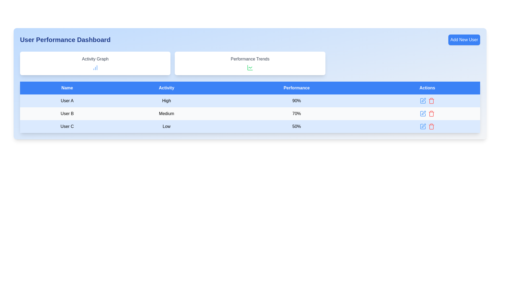 This screenshot has width=513, height=289. What do you see at coordinates (423, 113) in the screenshot?
I see `the edit button, which is the first icon in the 'Actions' column of the second row of the table displayed in the lower section of the interface, to change its visual state` at bounding box center [423, 113].